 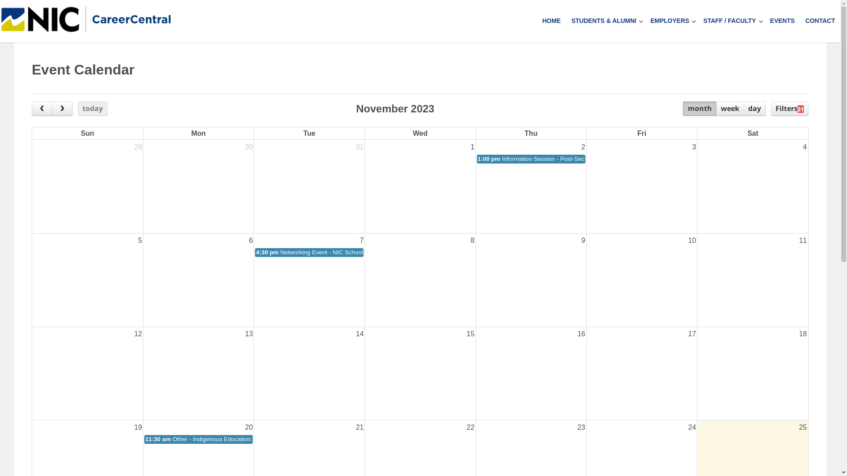 What do you see at coordinates (551, 20) in the screenshot?
I see `'HOME'` at bounding box center [551, 20].